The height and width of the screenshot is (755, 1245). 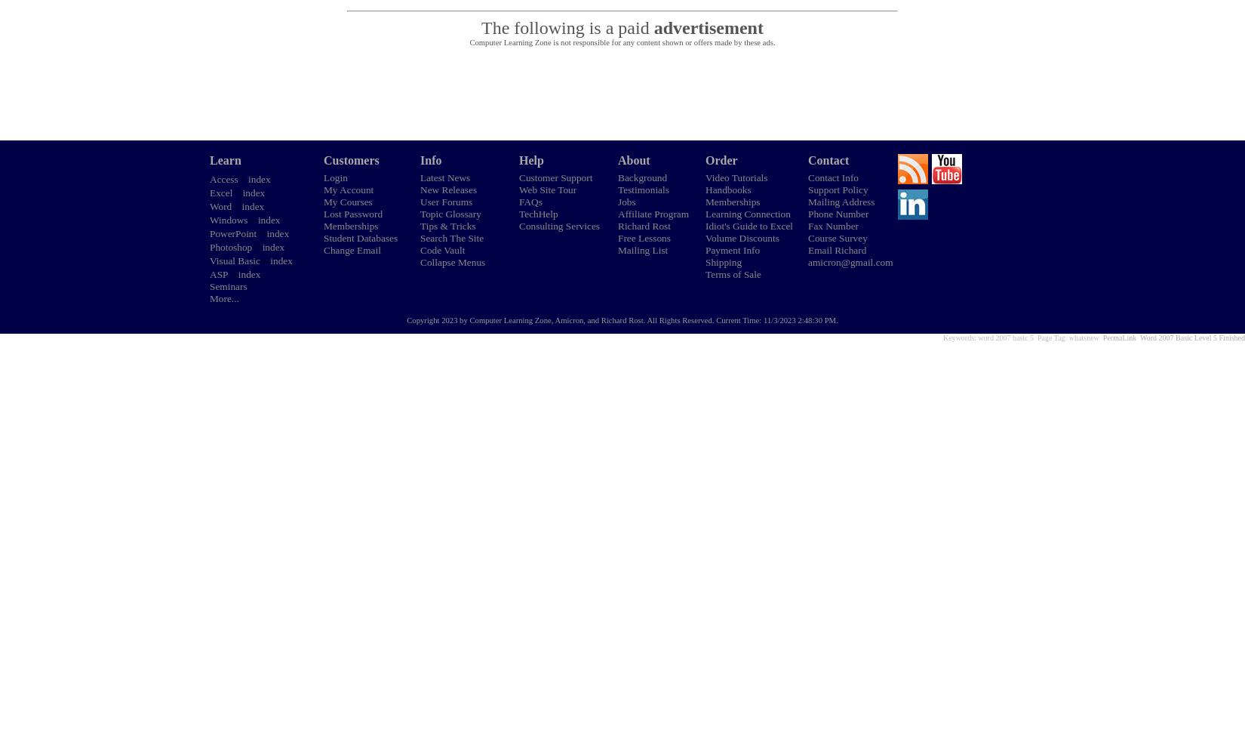 What do you see at coordinates (235, 260) in the screenshot?
I see `'Visual Basic'` at bounding box center [235, 260].